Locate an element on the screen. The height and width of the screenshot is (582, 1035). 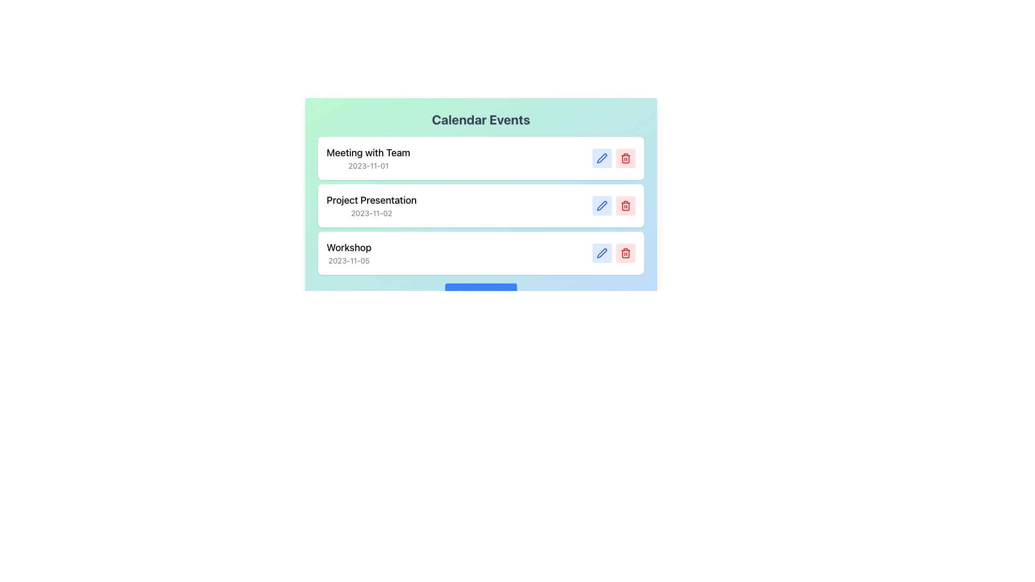
the plus icon within the blue 'Add Event' button located at the bottom center of the interface panel is located at coordinates (459, 294).